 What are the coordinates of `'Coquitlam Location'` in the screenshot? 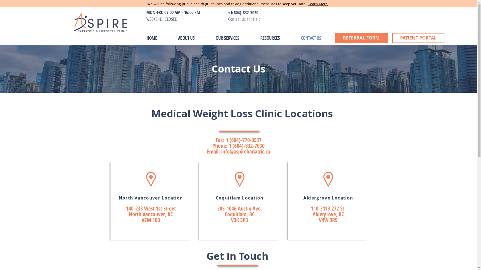 It's located at (239, 197).